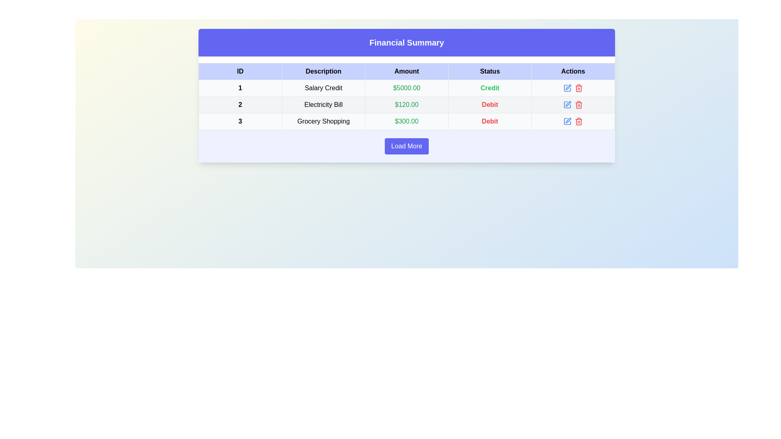  Describe the element at coordinates (568, 120) in the screenshot. I see `the edit icon located in the Actions column of the last row of the table` at that location.